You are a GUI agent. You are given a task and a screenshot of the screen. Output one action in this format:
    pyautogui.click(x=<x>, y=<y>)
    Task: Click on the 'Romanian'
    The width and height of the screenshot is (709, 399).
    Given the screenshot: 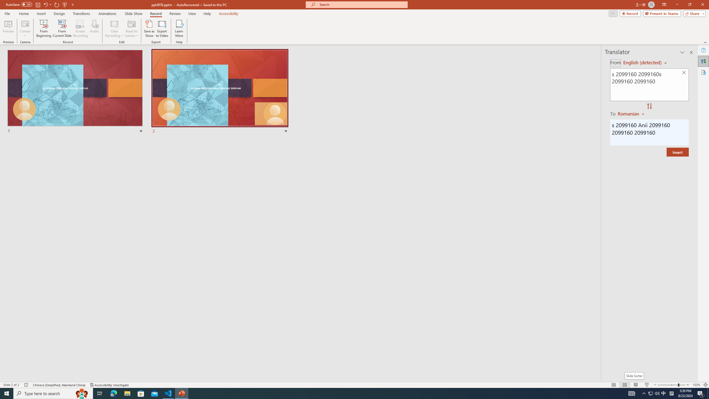 What is the action you would take?
    pyautogui.click(x=631, y=113)
    